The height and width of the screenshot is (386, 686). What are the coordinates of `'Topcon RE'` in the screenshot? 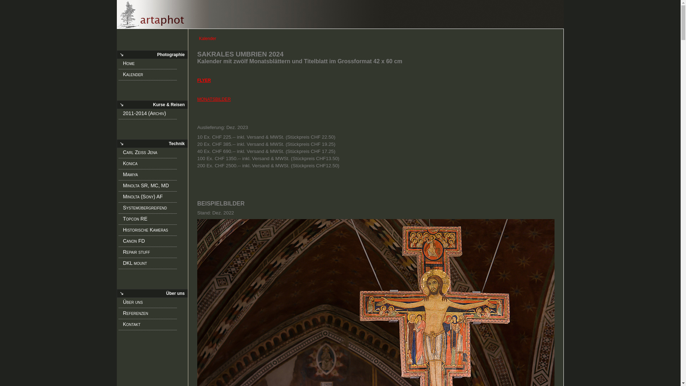 It's located at (150, 220).